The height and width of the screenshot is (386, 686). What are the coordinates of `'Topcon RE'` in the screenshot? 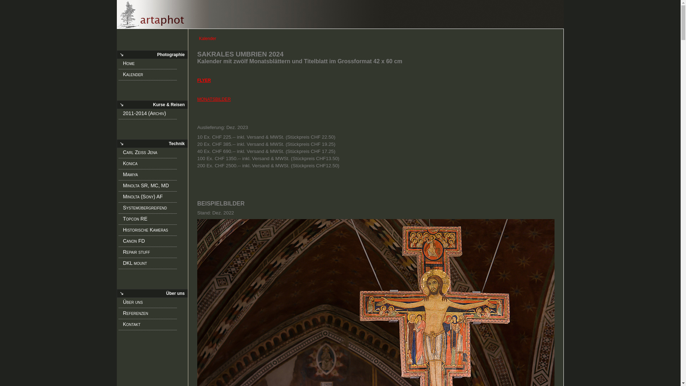 It's located at (150, 220).